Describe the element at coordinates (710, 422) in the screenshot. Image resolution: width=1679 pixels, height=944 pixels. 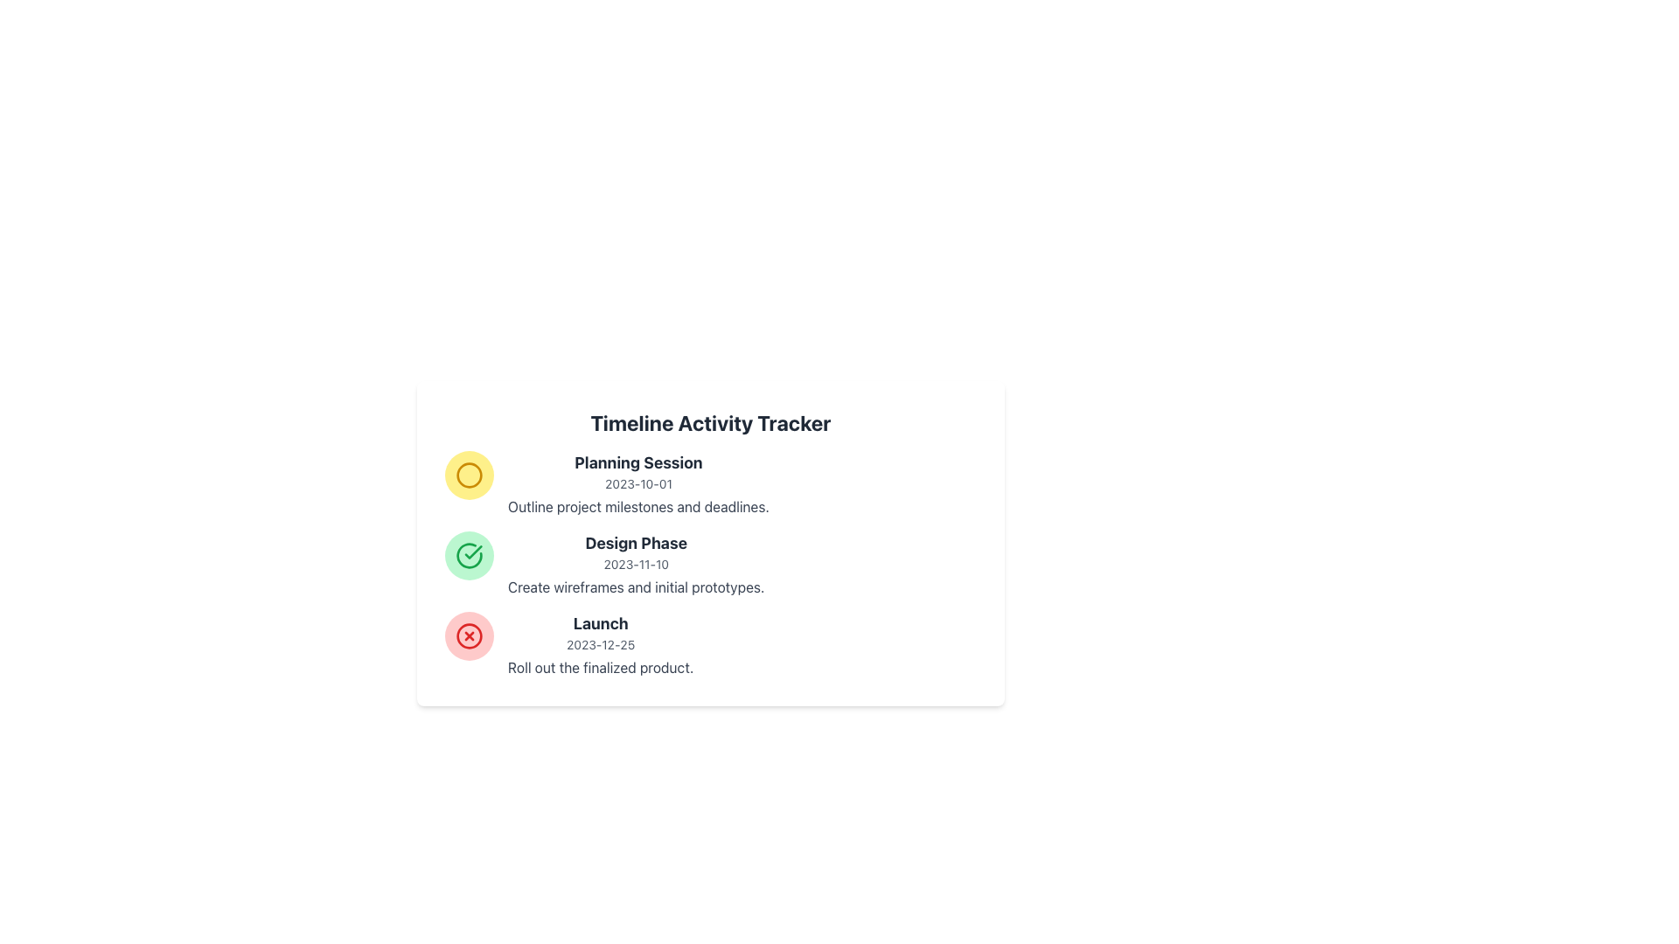
I see `text of the heading element that serves as the title for the timeline activity tracker, located centrally at the top of the card` at that location.